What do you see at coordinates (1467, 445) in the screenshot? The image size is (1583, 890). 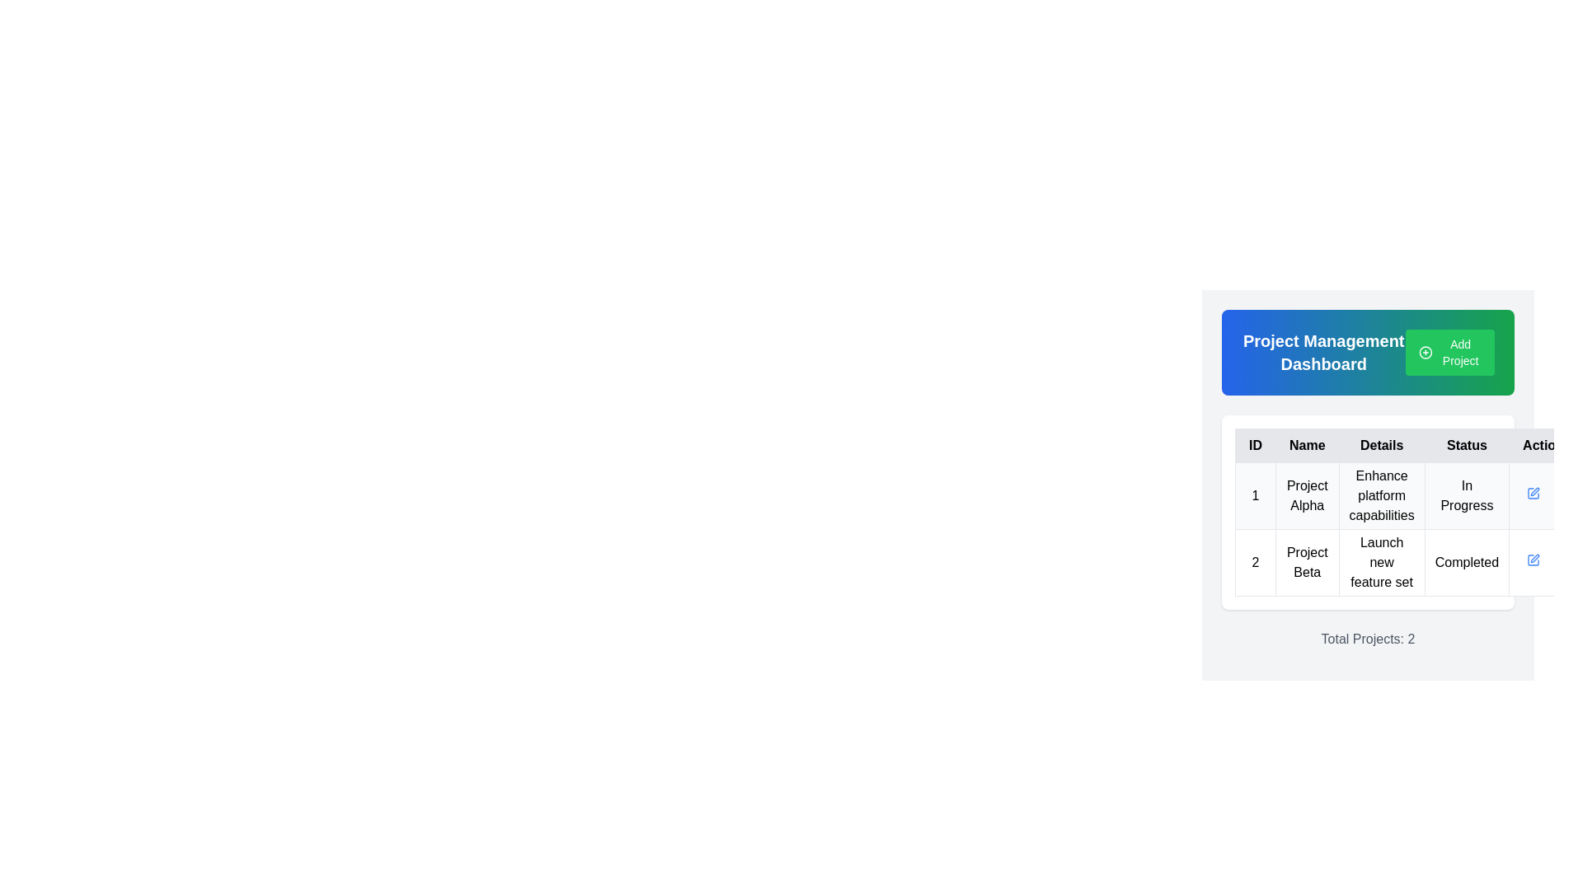 I see `the 'Status' static text label, which is displayed in bold on a light gray background and is the fourth header in a table, positioned between 'Details' and 'Actions'` at bounding box center [1467, 445].